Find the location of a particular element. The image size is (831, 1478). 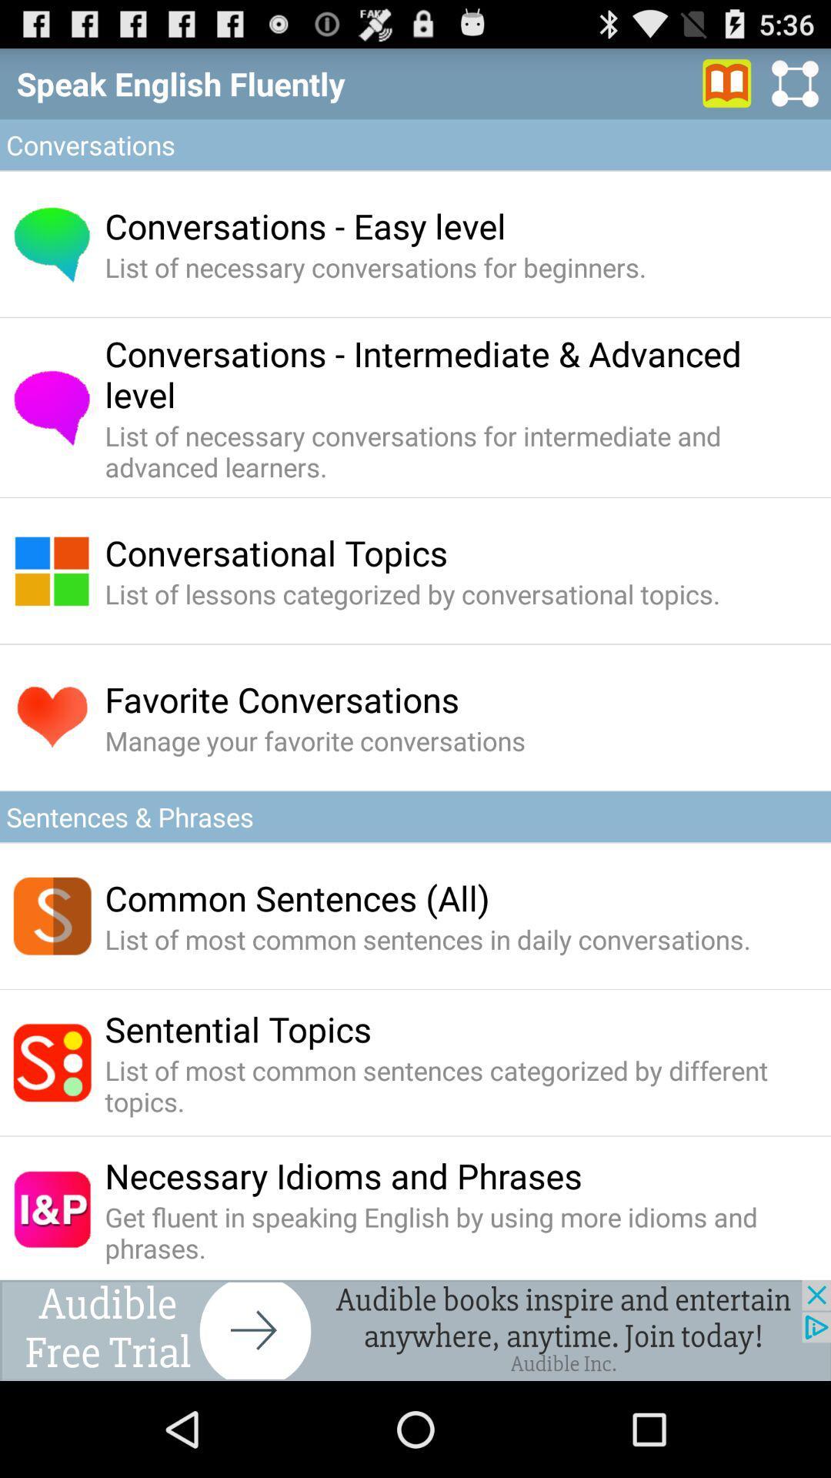

open advertisement is located at coordinates (415, 1329).